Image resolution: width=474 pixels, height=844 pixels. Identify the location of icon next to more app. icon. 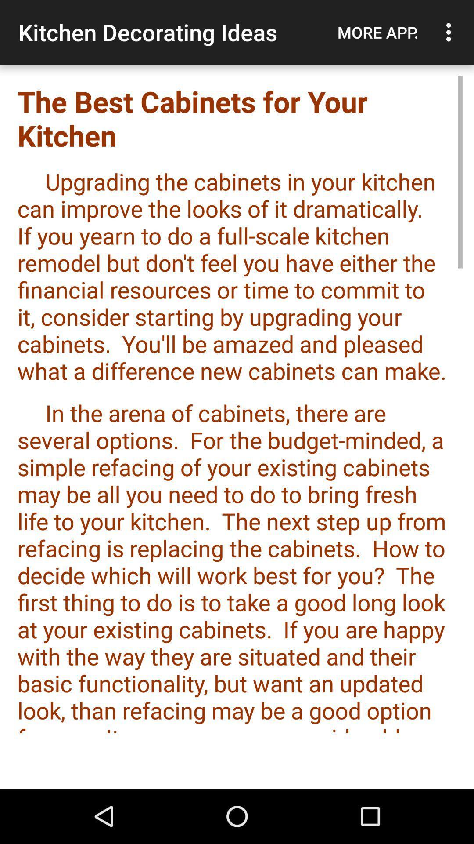
(451, 32).